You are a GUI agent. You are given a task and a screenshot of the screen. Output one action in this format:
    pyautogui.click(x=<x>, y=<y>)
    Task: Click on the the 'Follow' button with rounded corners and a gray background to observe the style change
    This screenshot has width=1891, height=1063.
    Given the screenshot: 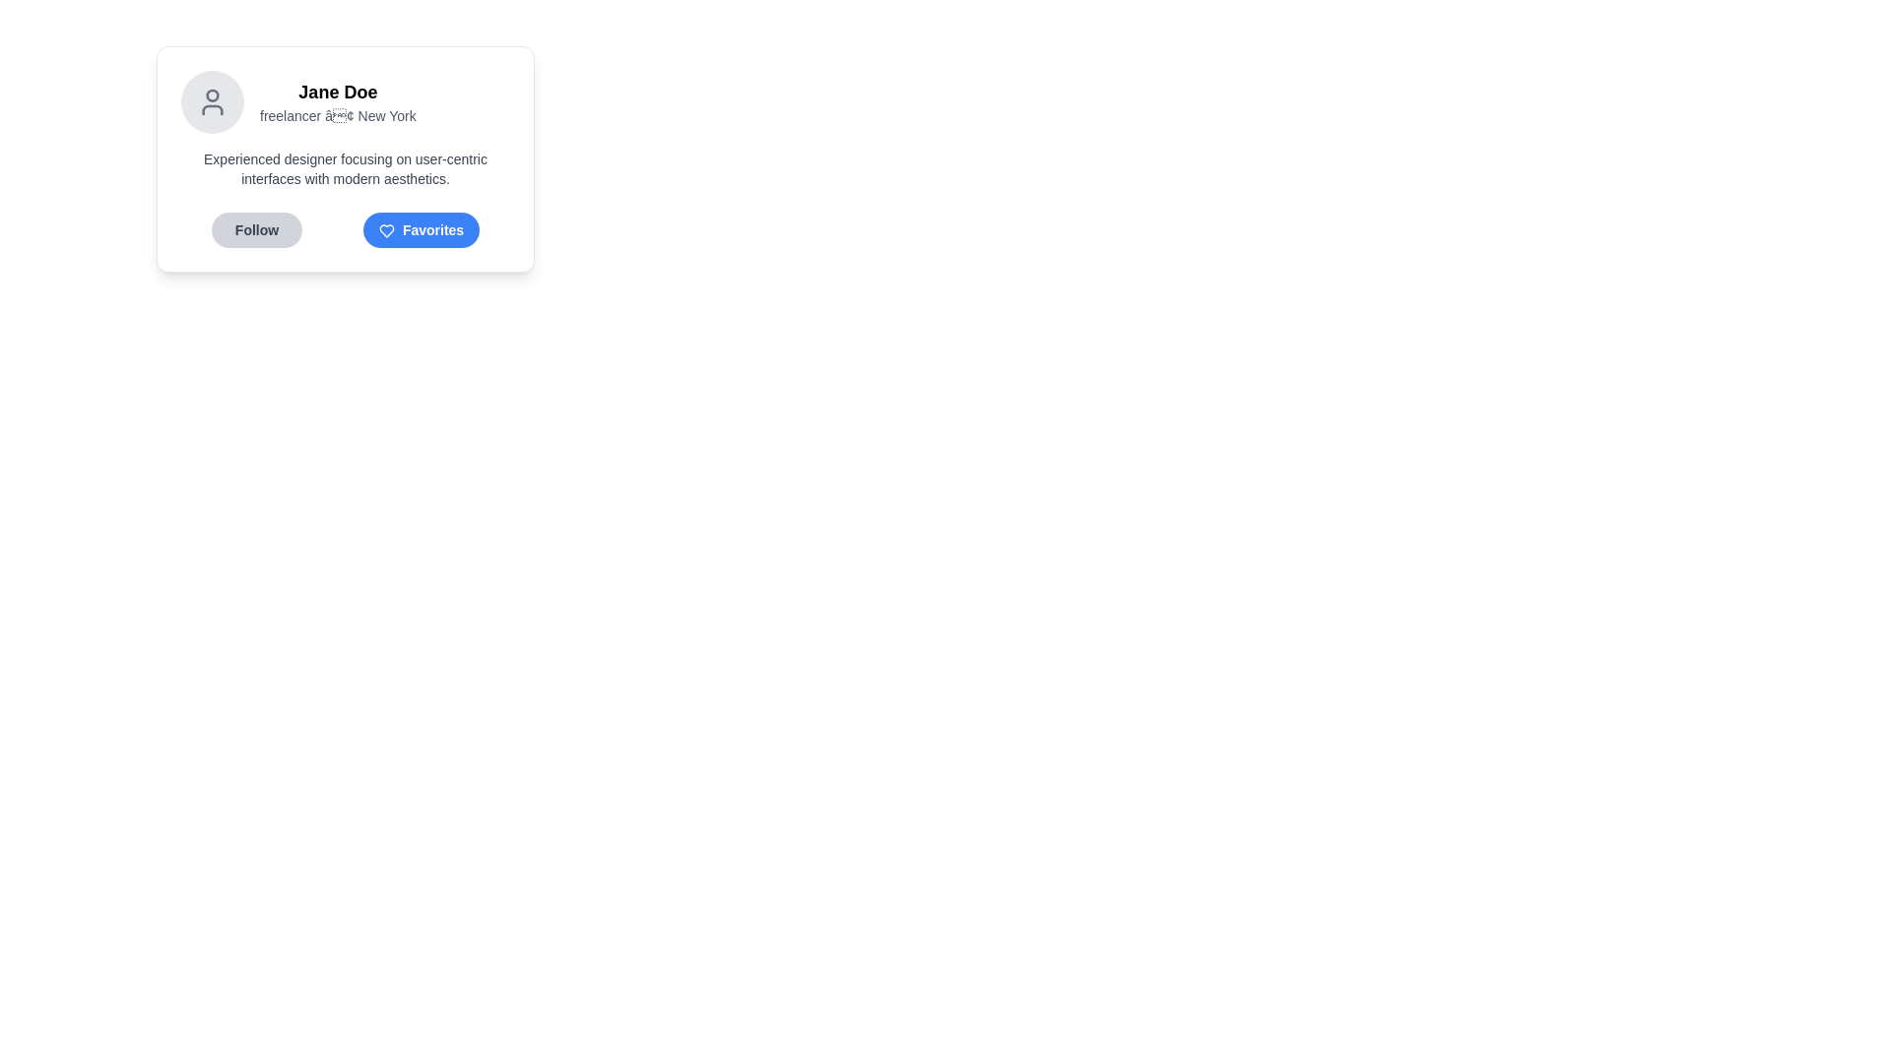 What is the action you would take?
    pyautogui.click(x=255, y=229)
    